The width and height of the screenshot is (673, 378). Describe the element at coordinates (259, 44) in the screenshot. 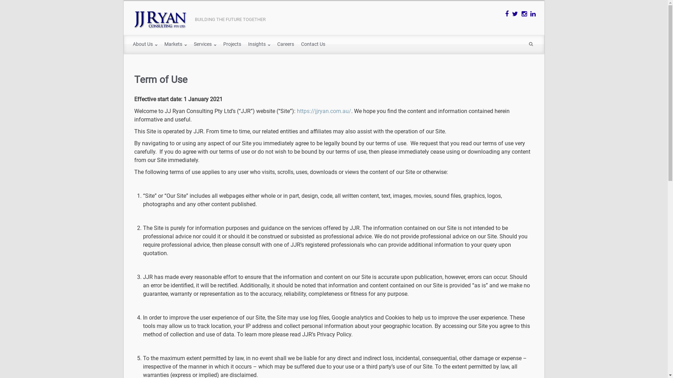

I see `'Insights'` at that location.